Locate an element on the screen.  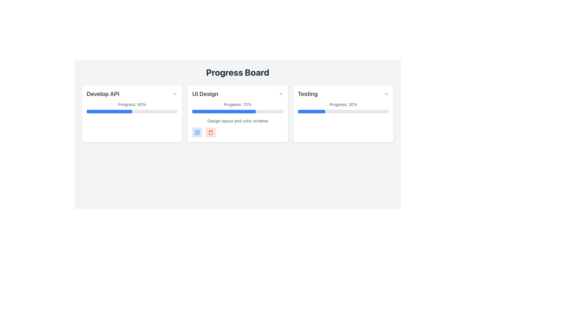
the progress percentage on the 'UI Design' card widget, which shows 'Progress: 70%' and is located in the middle of a three-column layout of cards is located at coordinates (238, 113).